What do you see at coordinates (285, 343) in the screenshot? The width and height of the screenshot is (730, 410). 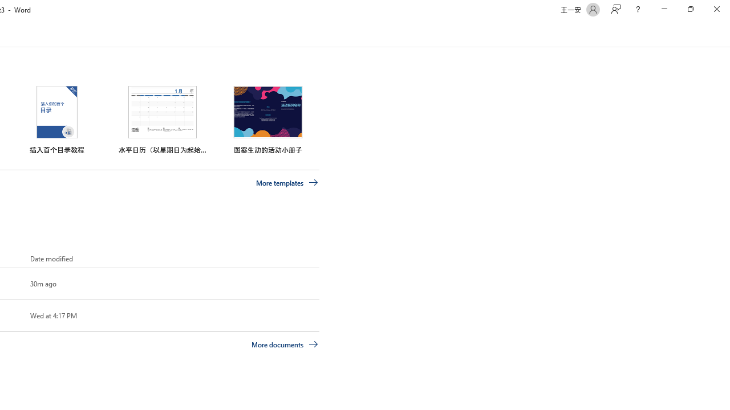 I see `'More documents'` at bounding box center [285, 343].